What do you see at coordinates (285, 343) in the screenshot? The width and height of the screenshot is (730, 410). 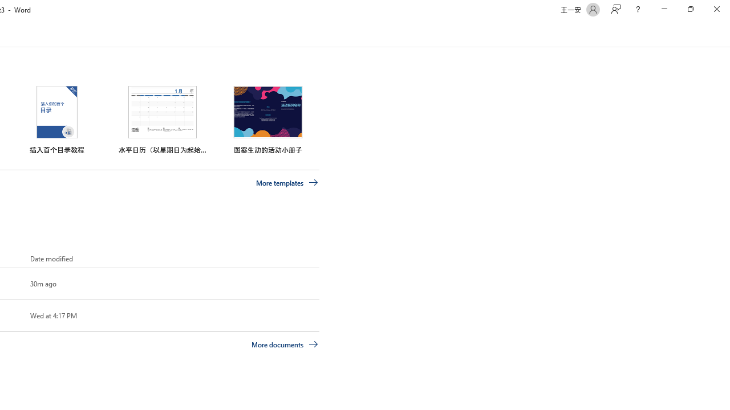 I see `'More documents'` at bounding box center [285, 343].